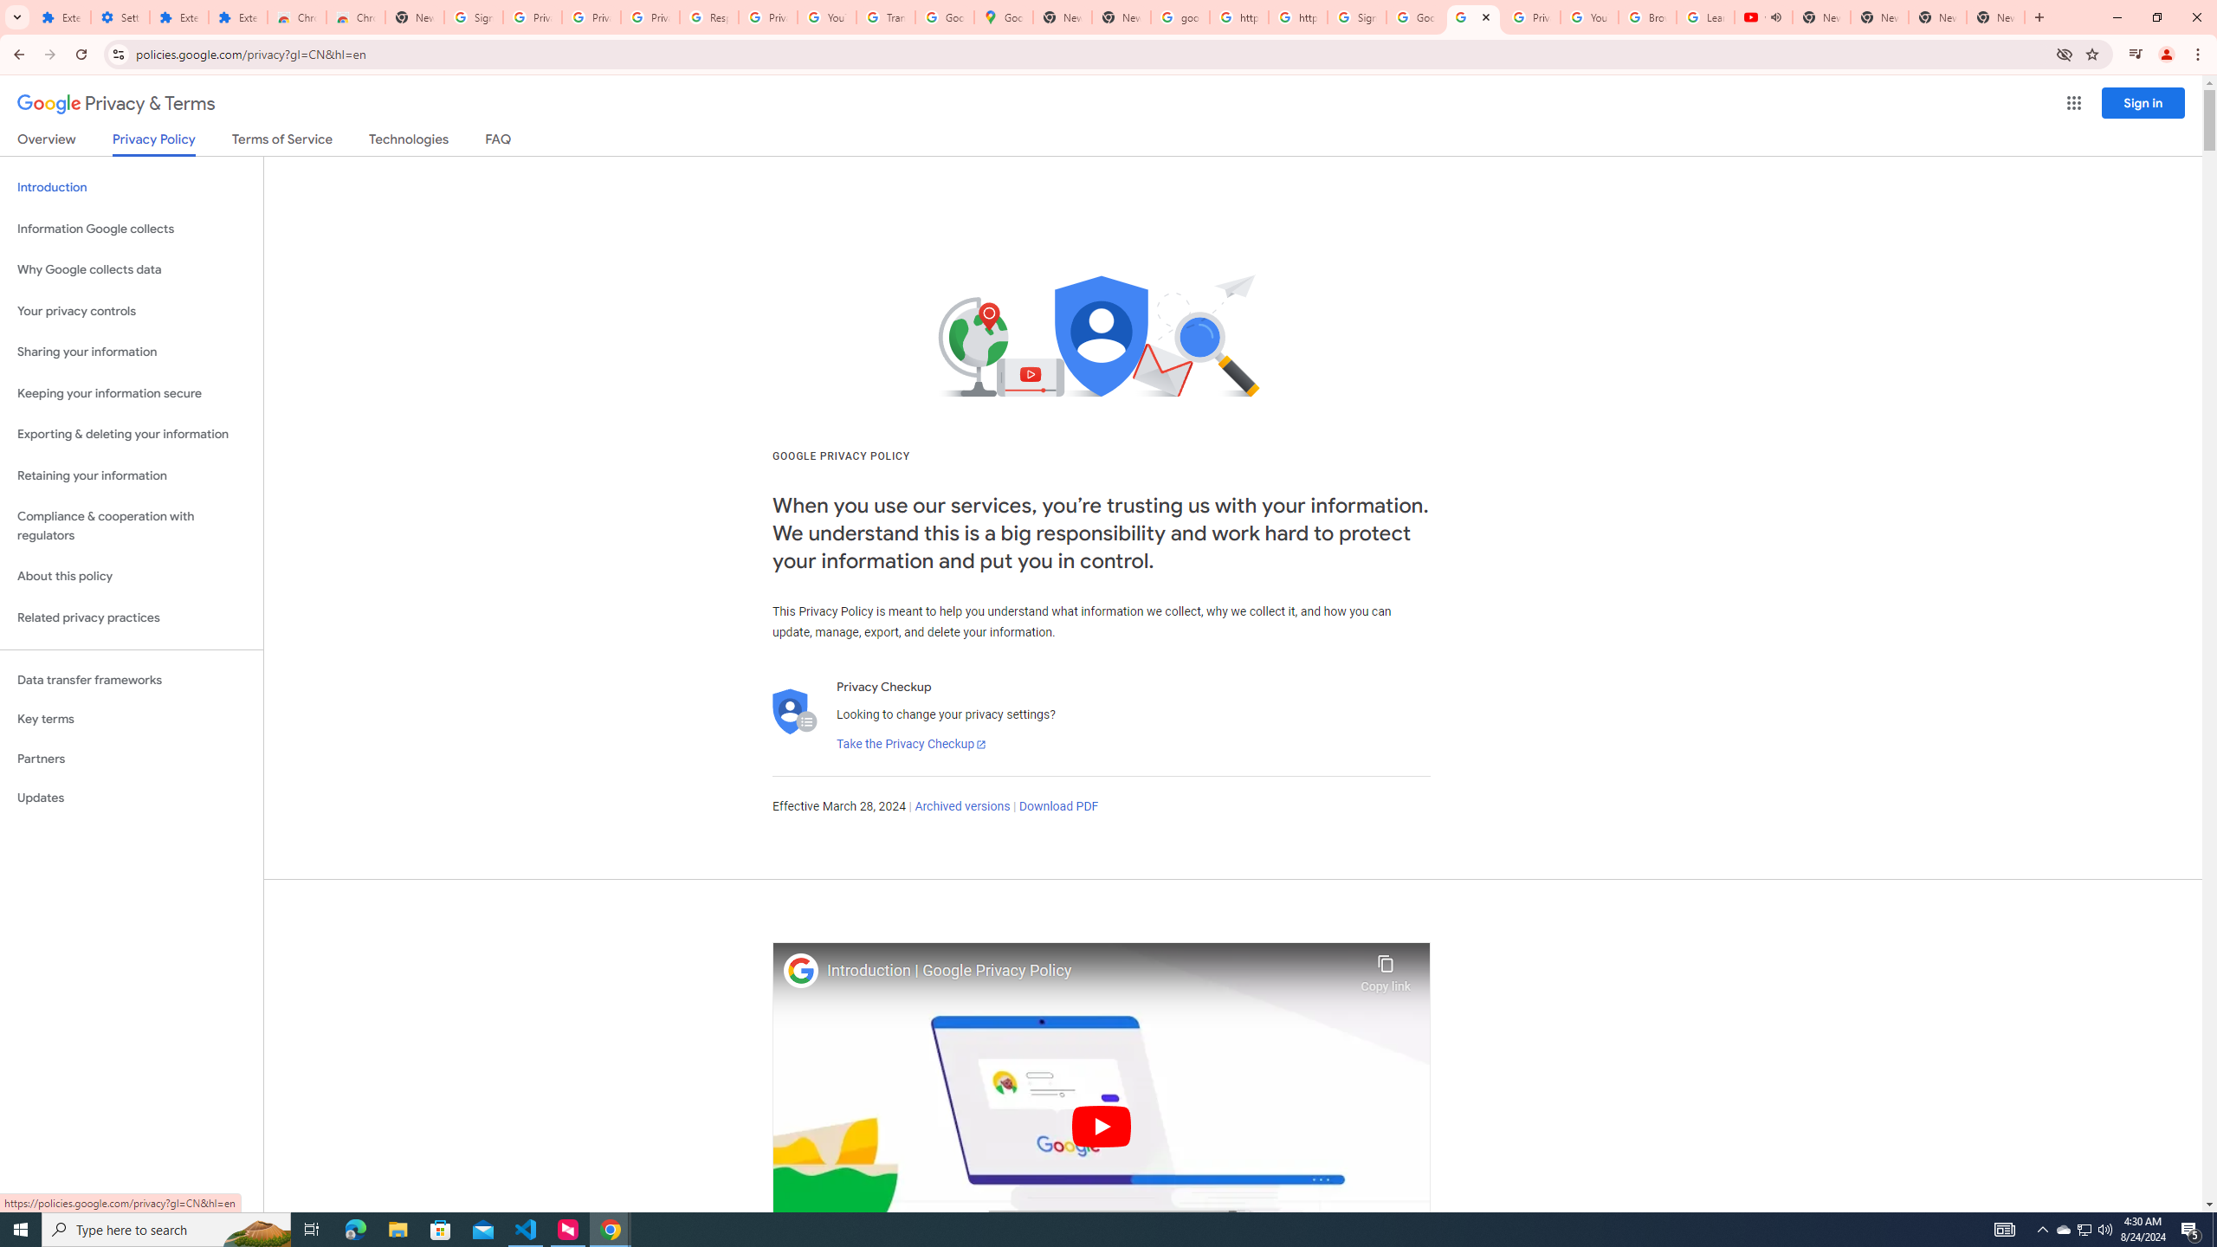 Image resolution: width=2217 pixels, height=1247 pixels. Describe the element at coordinates (910, 743) in the screenshot. I see `'Take the Privacy Checkup'` at that location.